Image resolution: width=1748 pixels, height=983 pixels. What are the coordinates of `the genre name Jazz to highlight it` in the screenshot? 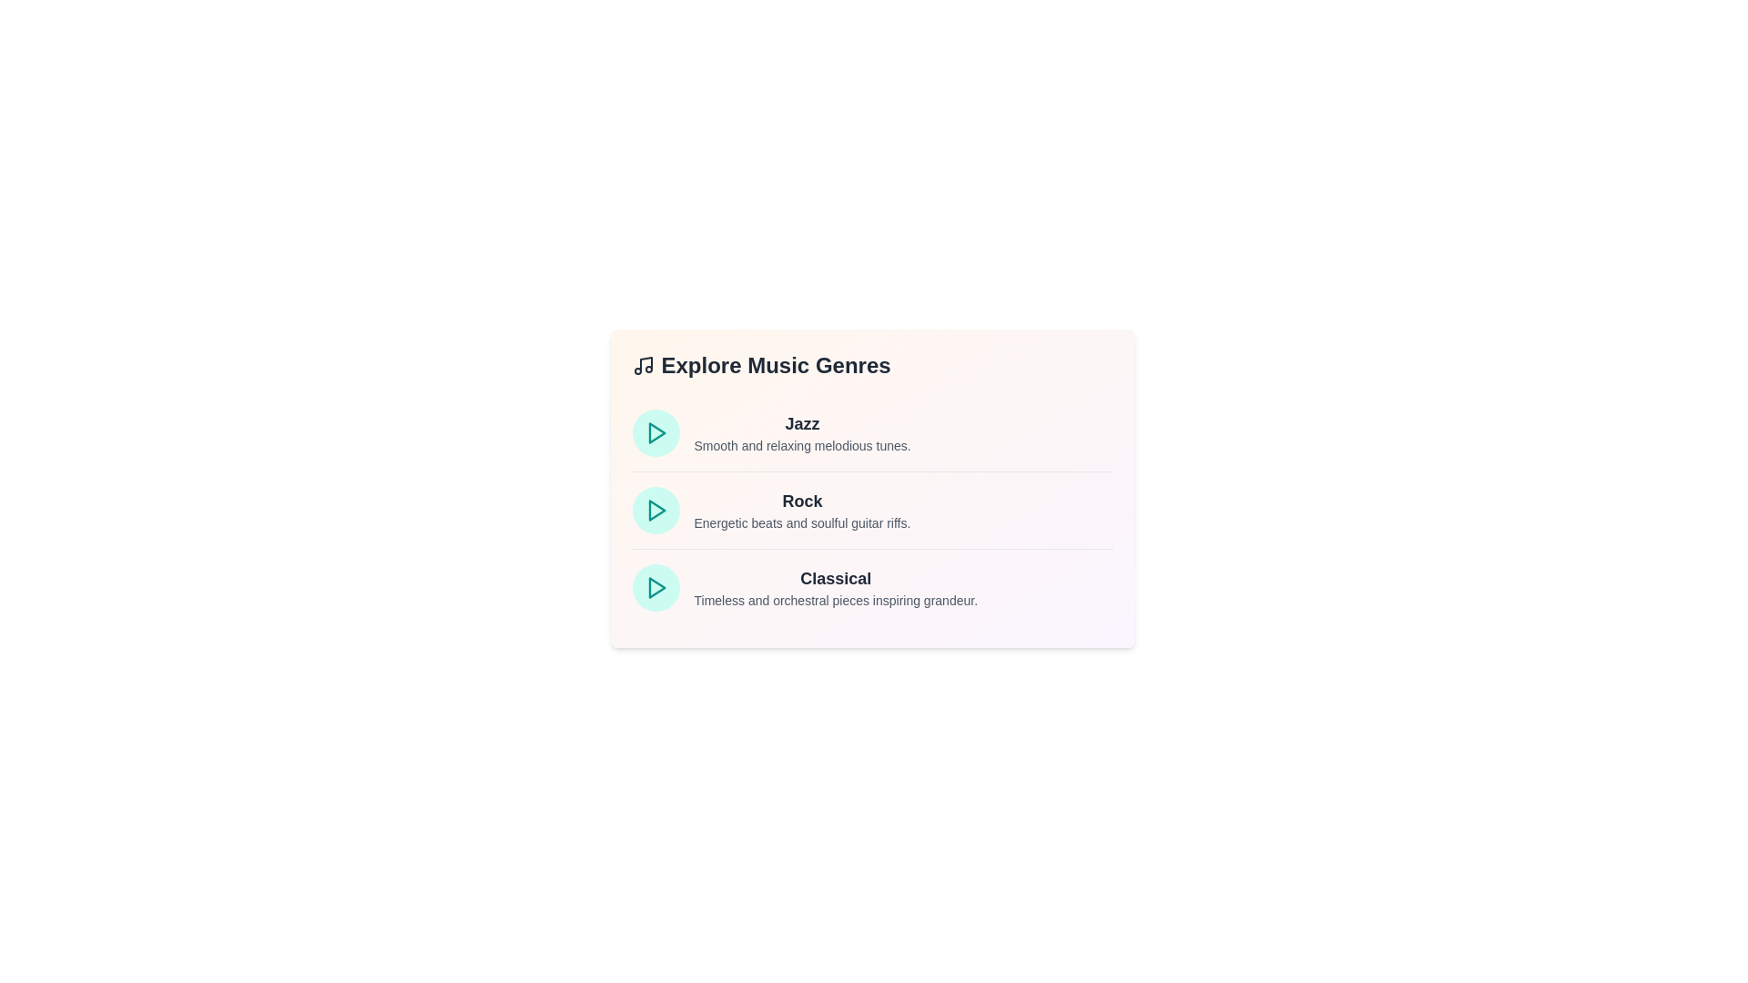 It's located at (801, 424).